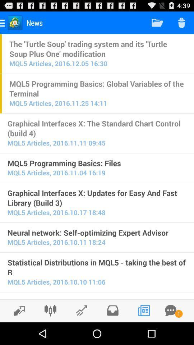  Describe the element at coordinates (97, 48) in the screenshot. I see `the the turtle soup icon` at that location.